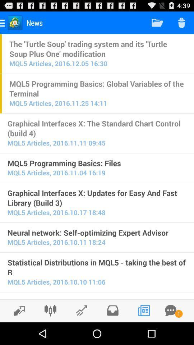  Describe the element at coordinates (97, 48) in the screenshot. I see `the the turtle soup icon` at that location.